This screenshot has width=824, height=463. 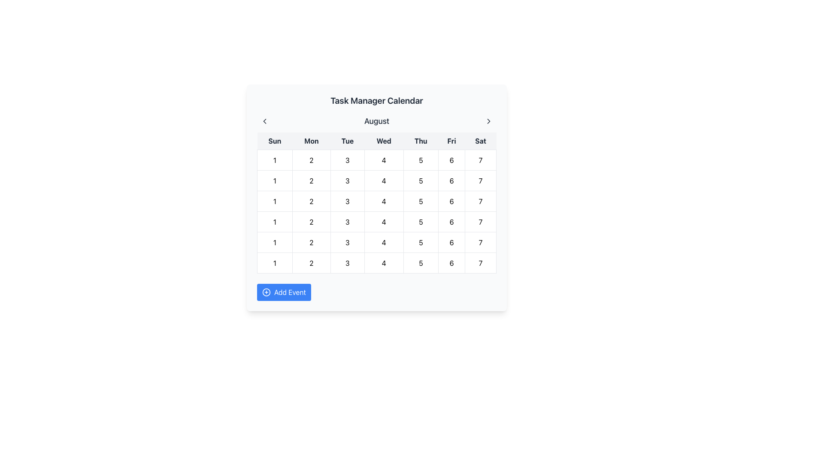 I want to click on the Text Label for Friday in the weekly calendar, so click(x=451, y=141).